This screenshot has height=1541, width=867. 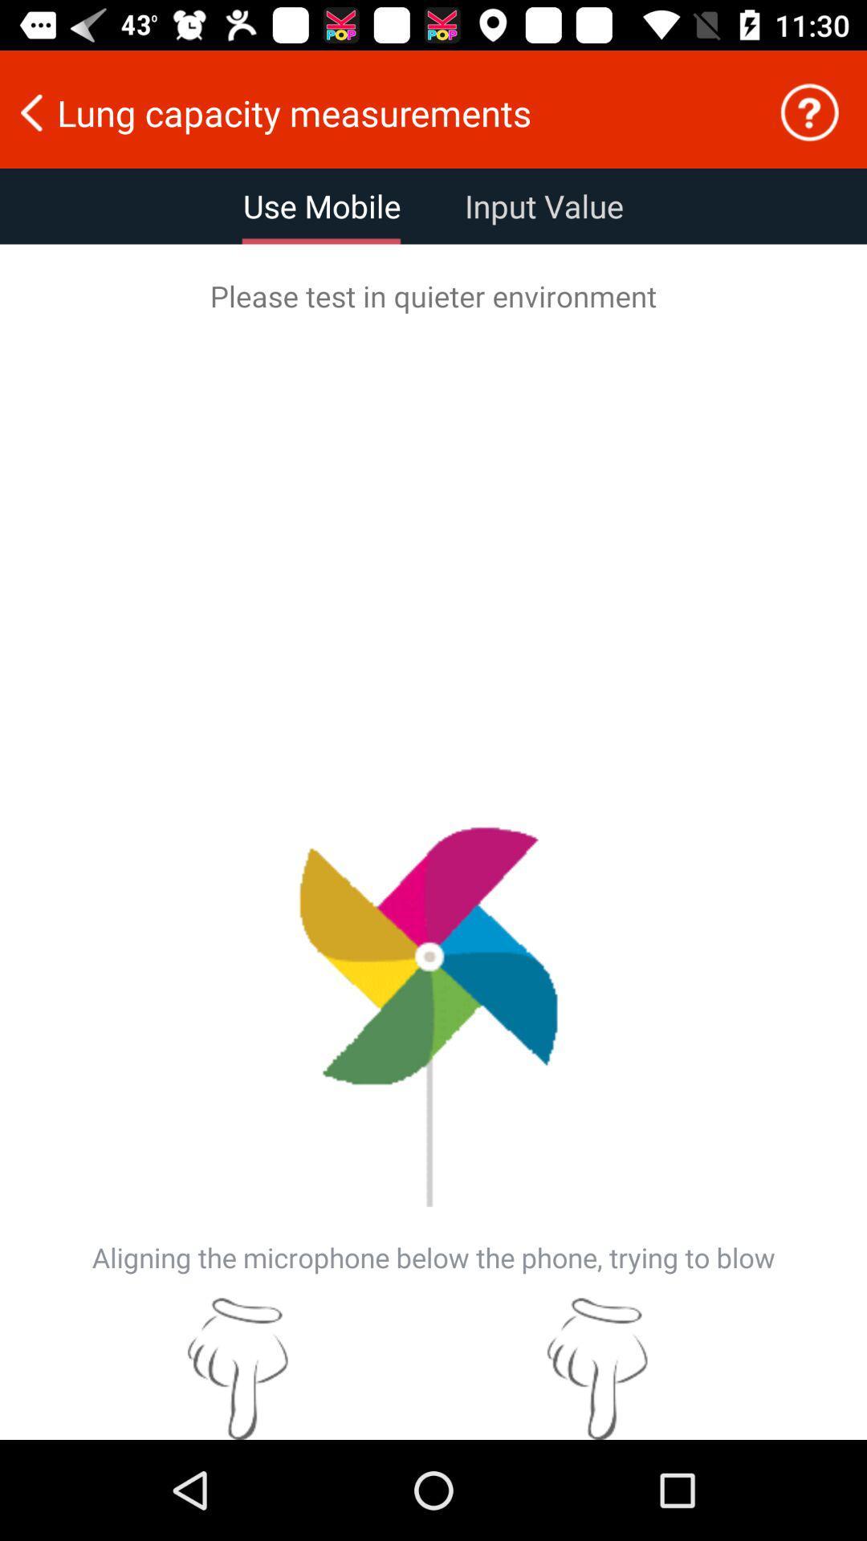 What do you see at coordinates (378, 112) in the screenshot?
I see `icon above the use mobile` at bounding box center [378, 112].